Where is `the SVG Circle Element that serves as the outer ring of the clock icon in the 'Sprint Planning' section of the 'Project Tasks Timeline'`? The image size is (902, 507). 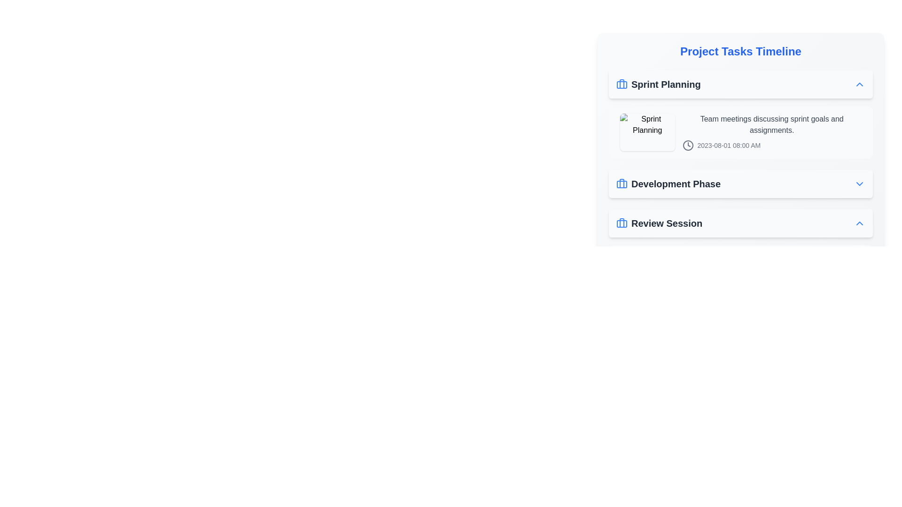
the SVG Circle Element that serves as the outer ring of the clock icon in the 'Sprint Planning' section of the 'Project Tasks Timeline' is located at coordinates (688, 145).